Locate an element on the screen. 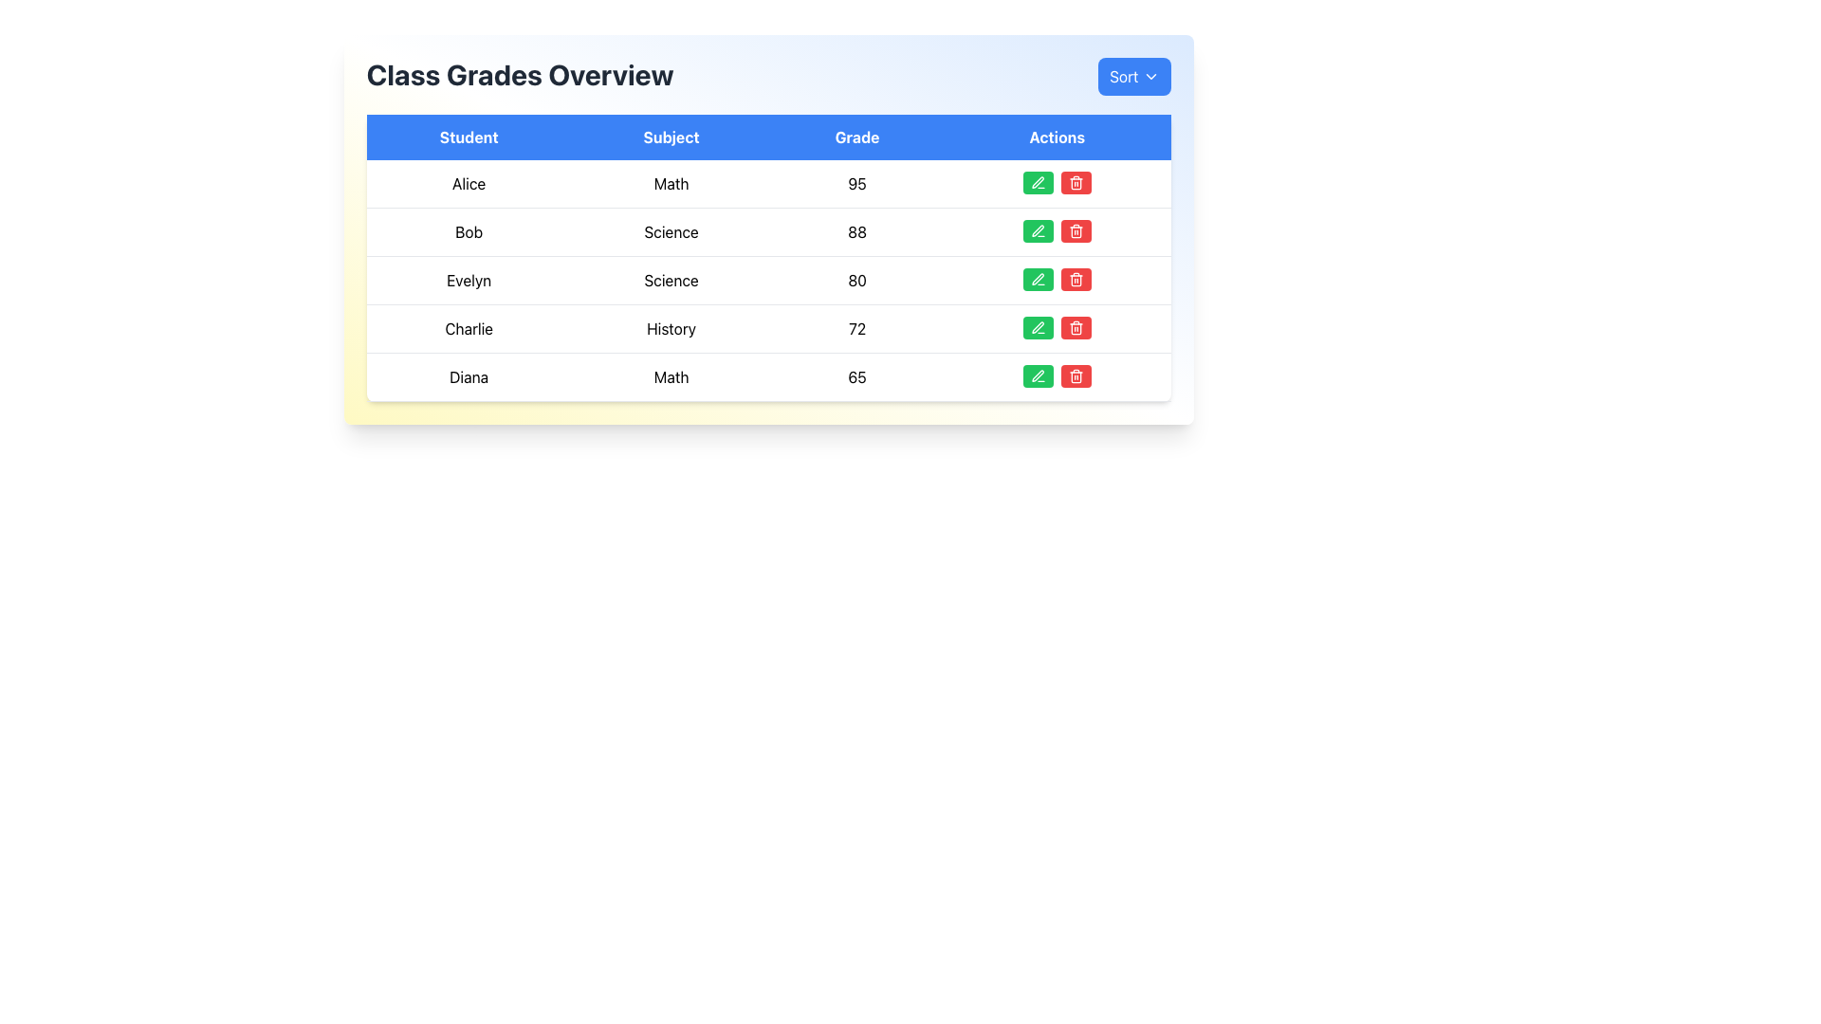  the red rectangular button with a trash can icon located in the 'Actions' column, fifth row for student Diana, to change its background color is located at coordinates (1076, 327).